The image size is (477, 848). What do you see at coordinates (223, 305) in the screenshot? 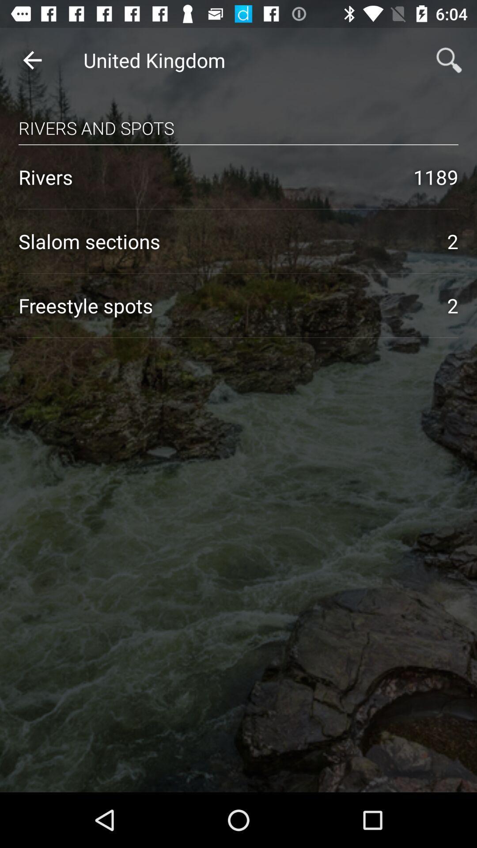
I see `icon to the left of 2` at bounding box center [223, 305].